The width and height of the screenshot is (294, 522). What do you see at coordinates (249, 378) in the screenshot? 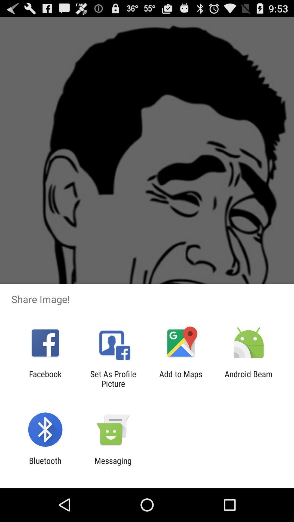
I see `icon to the right of add to maps app` at bounding box center [249, 378].